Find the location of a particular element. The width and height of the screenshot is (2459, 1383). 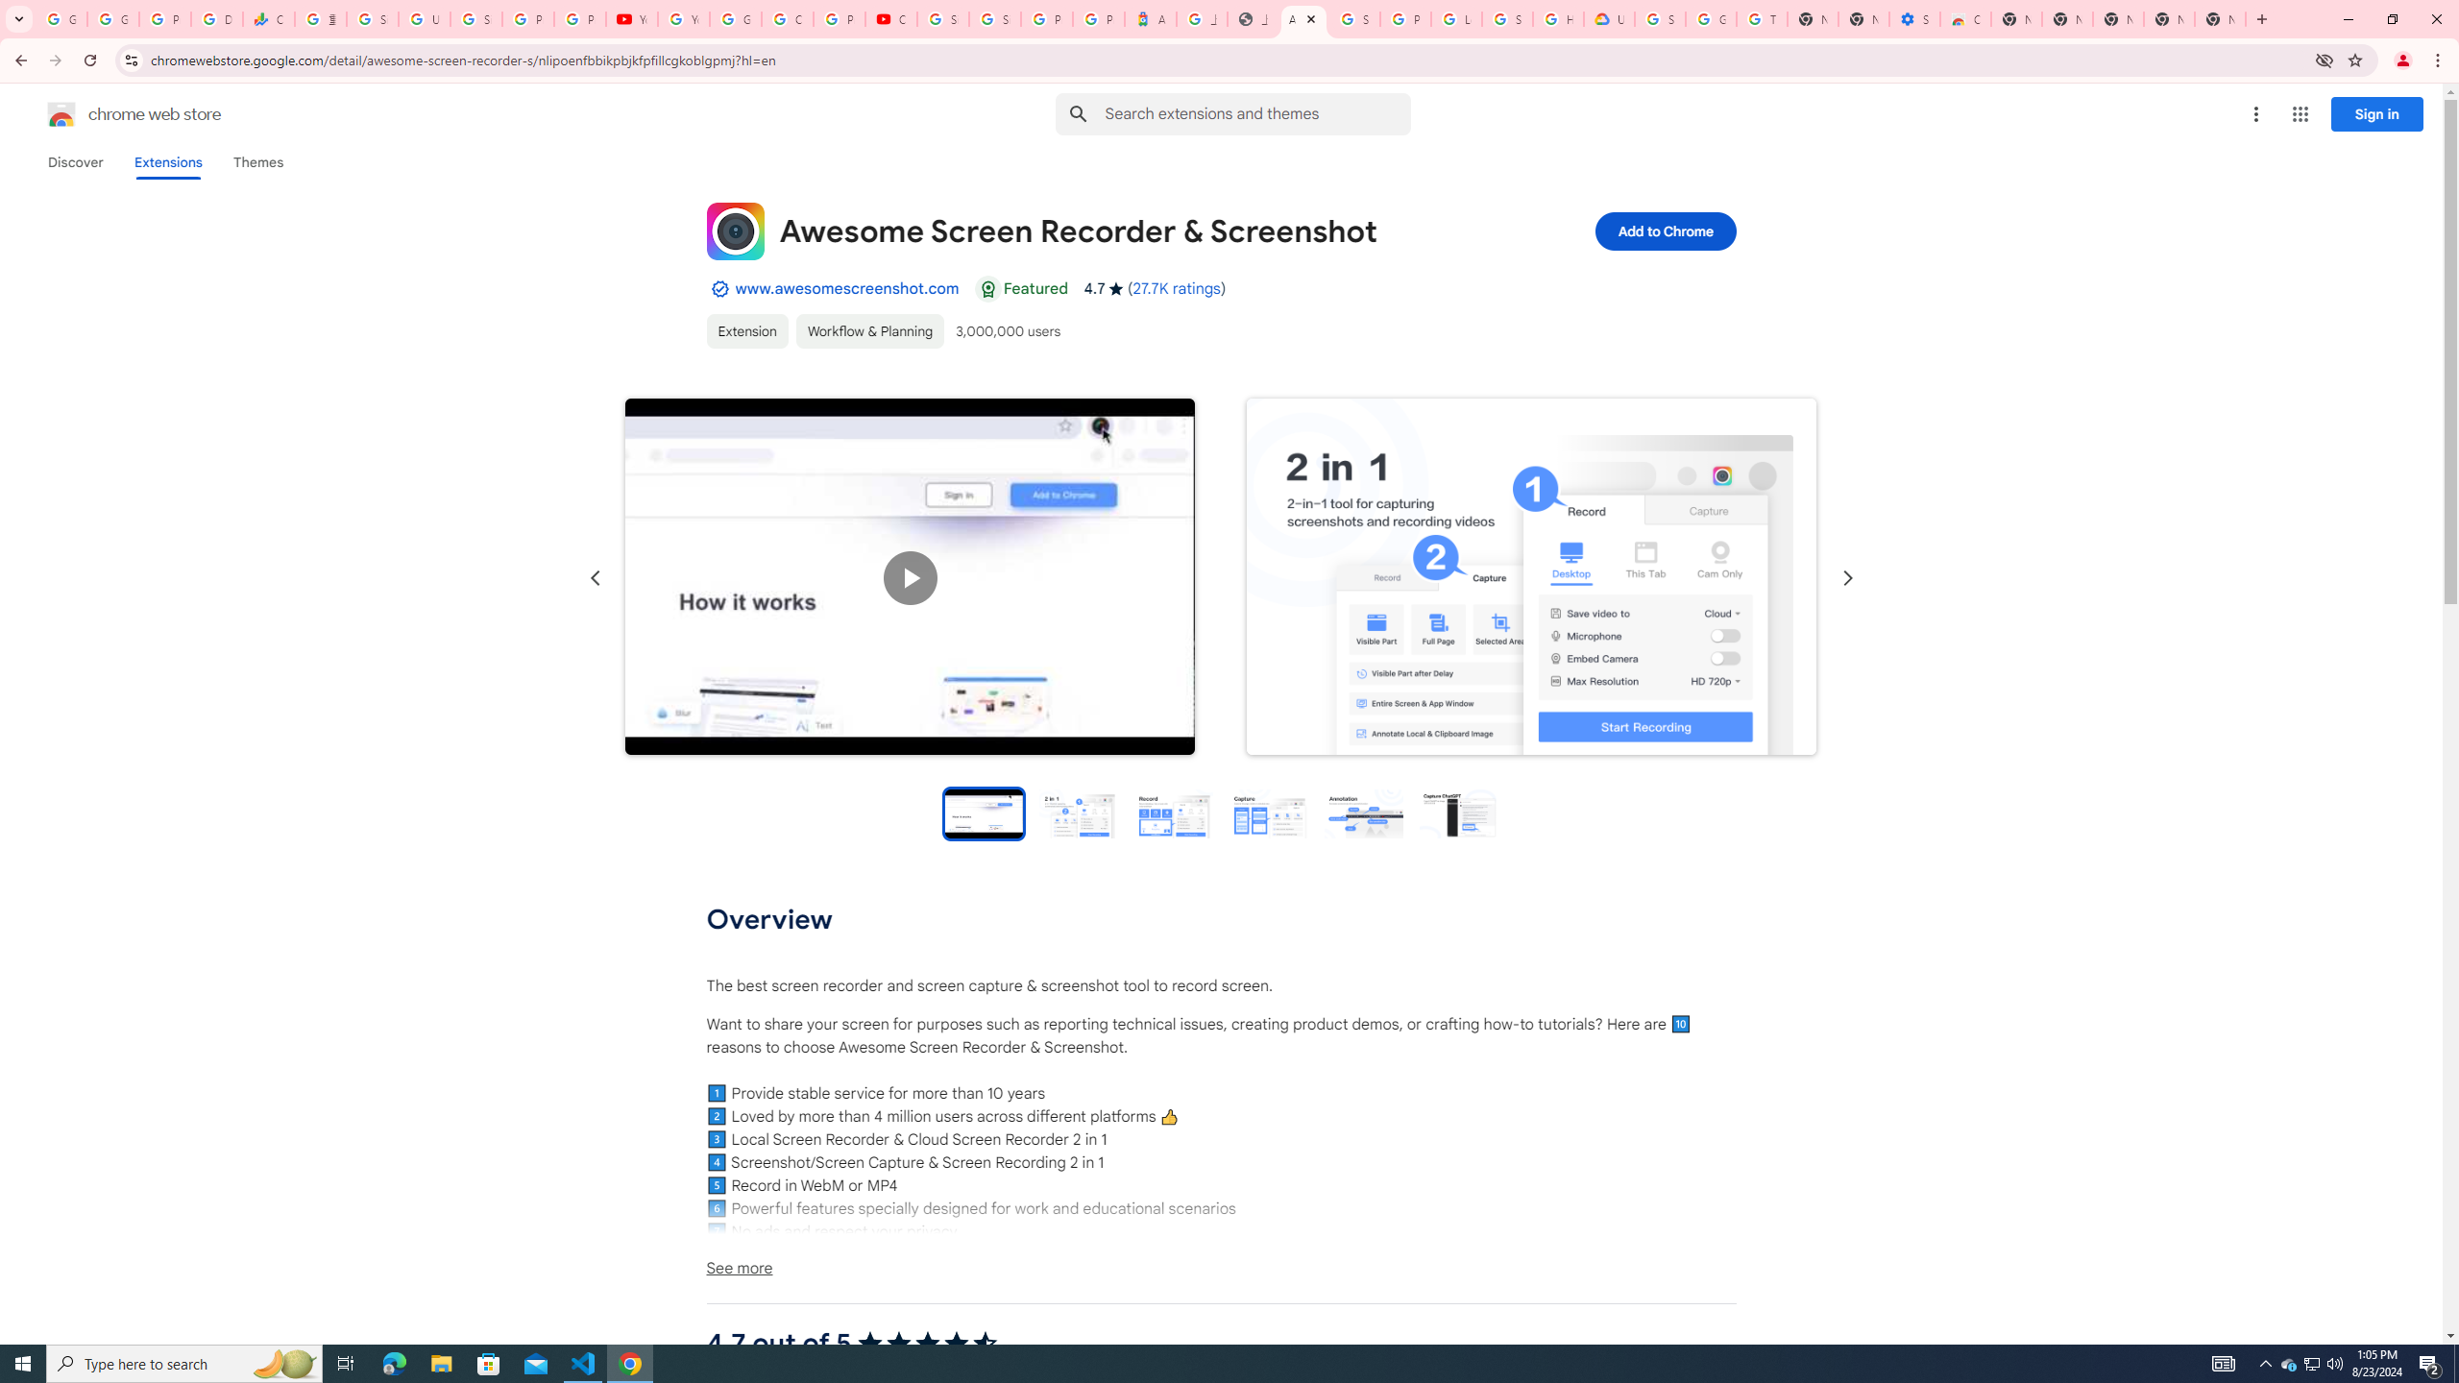

'Chrome Web Store - Accessibility extensions' is located at coordinates (1965, 18).